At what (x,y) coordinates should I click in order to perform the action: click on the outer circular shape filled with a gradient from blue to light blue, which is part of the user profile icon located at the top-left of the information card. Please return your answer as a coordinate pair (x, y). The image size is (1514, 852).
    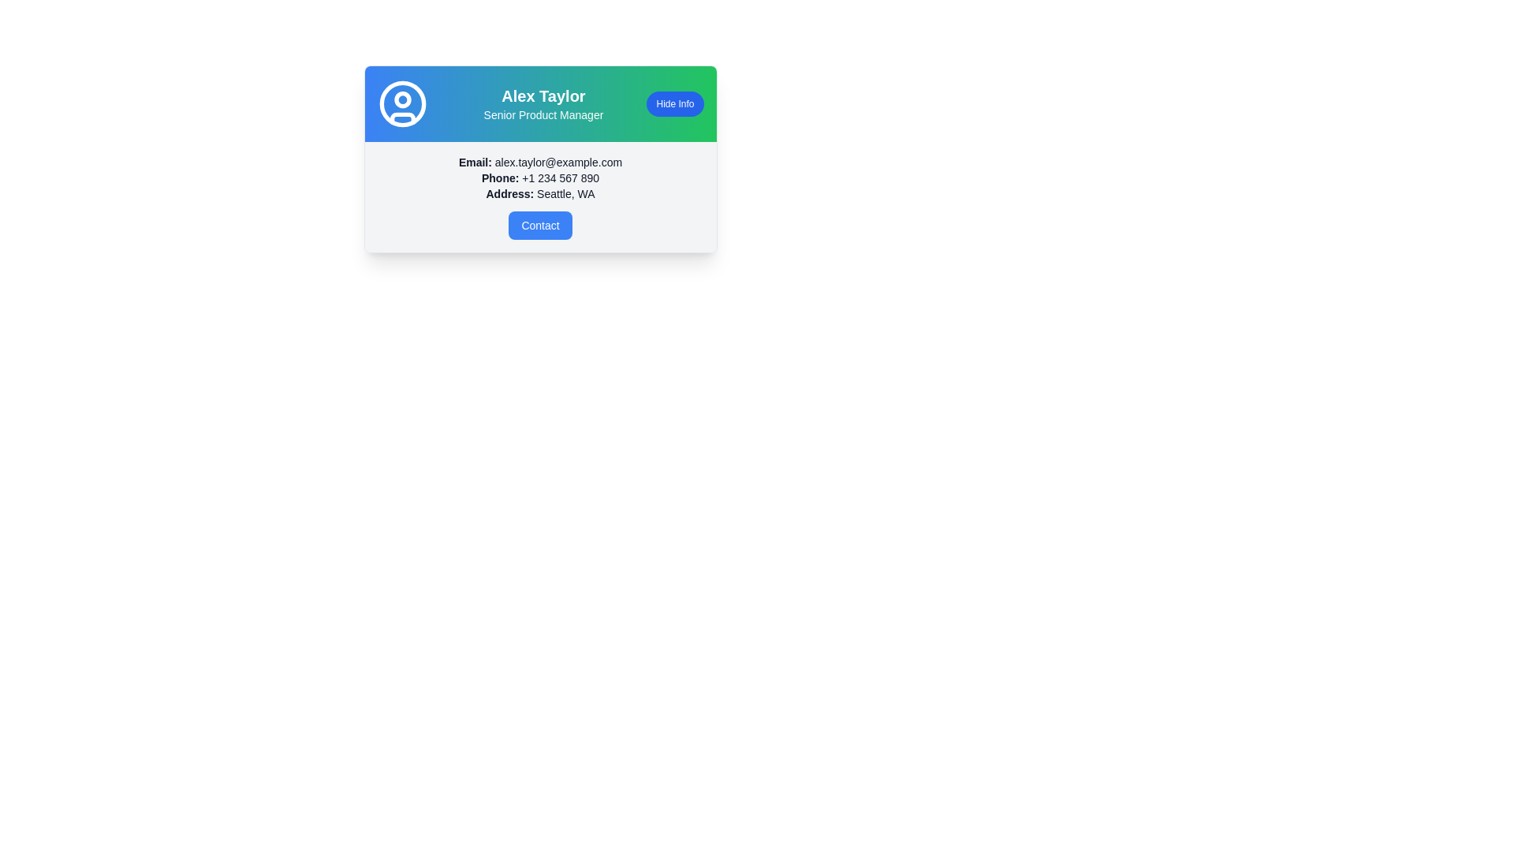
    Looking at the image, I should click on (402, 103).